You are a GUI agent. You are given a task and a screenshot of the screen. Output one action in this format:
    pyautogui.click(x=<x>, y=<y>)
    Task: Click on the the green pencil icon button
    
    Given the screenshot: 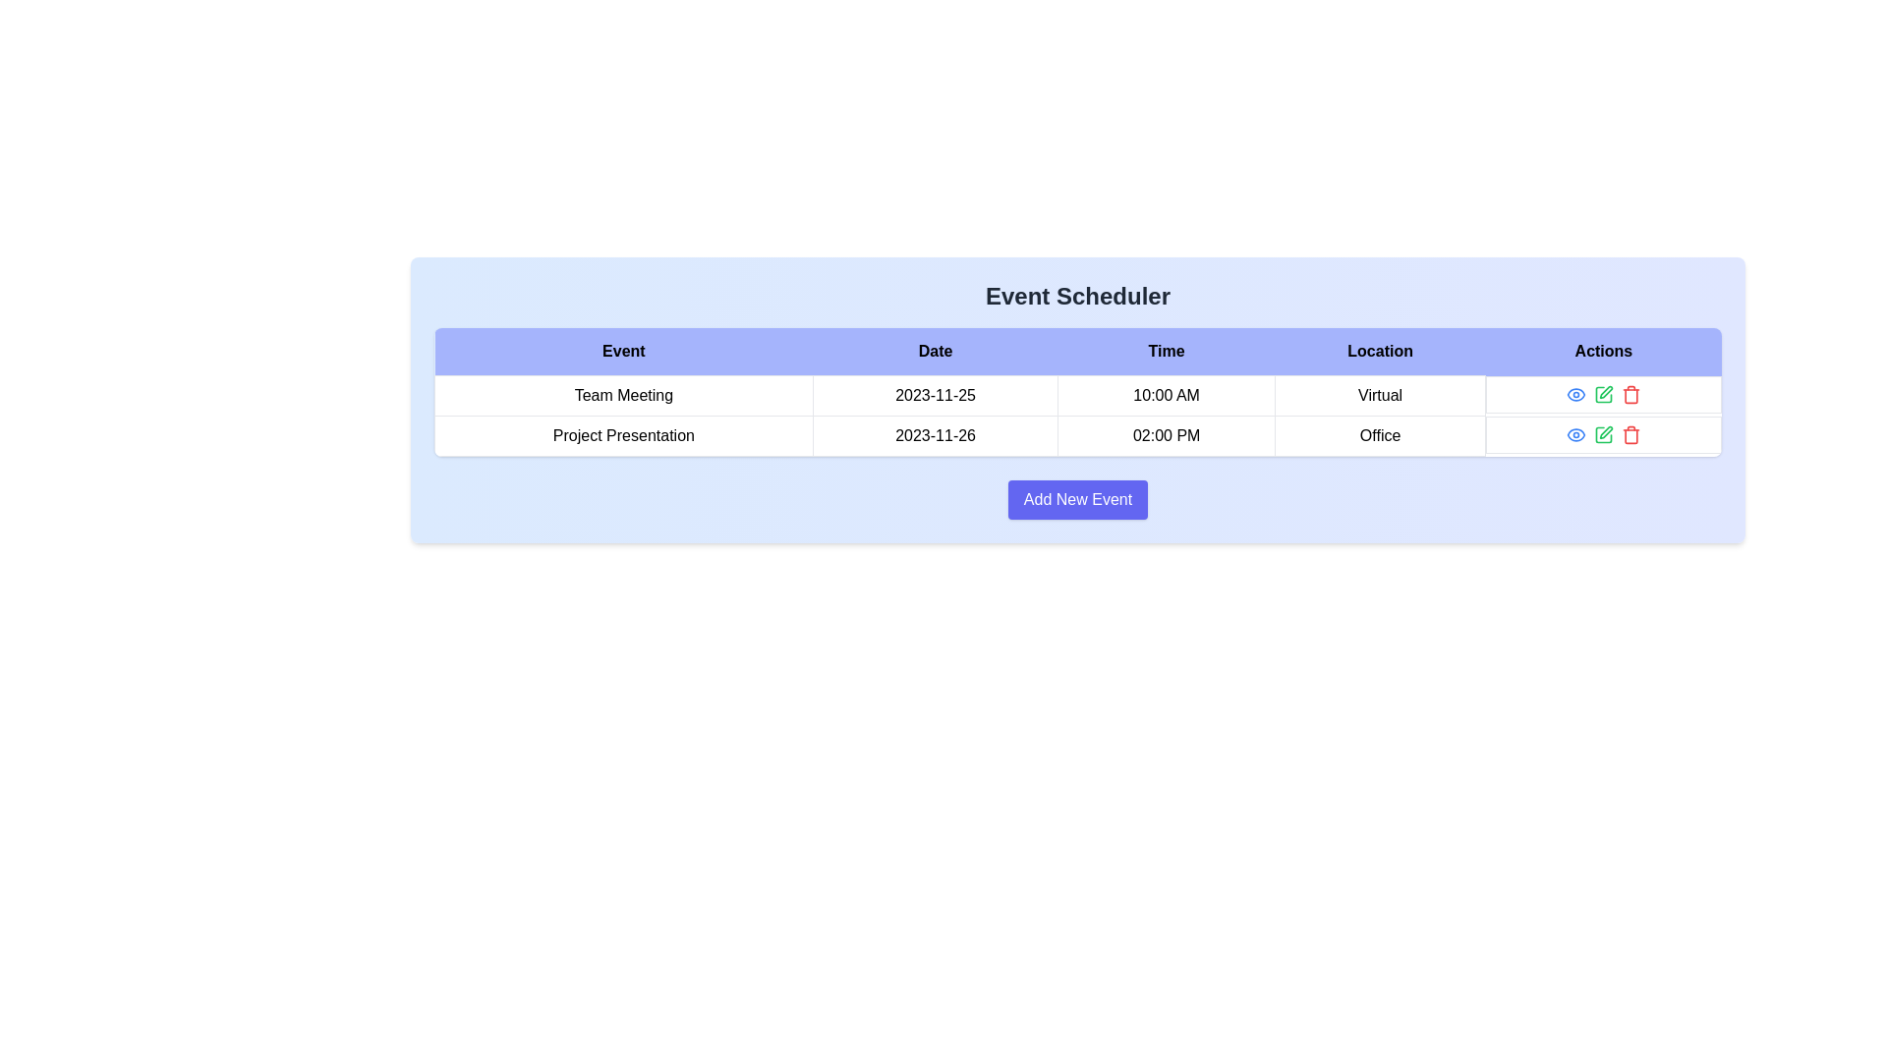 What is the action you would take?
    pyautogui.click(x=1604, y=433)
    